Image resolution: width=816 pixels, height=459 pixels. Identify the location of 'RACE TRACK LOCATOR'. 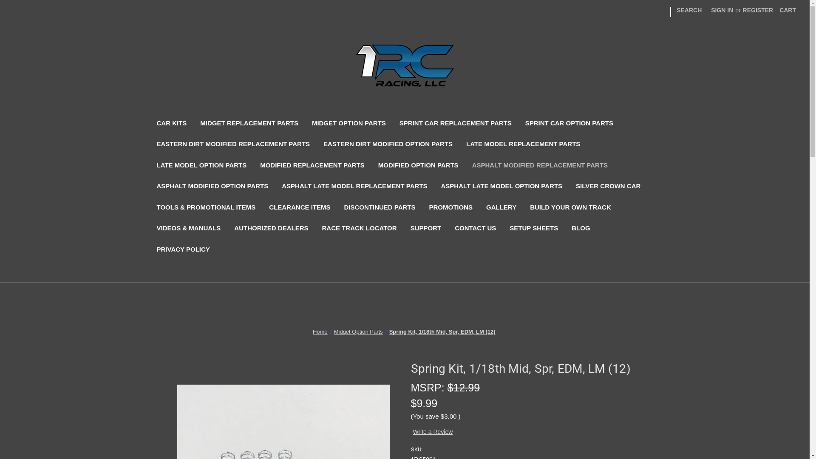
(359, 229).